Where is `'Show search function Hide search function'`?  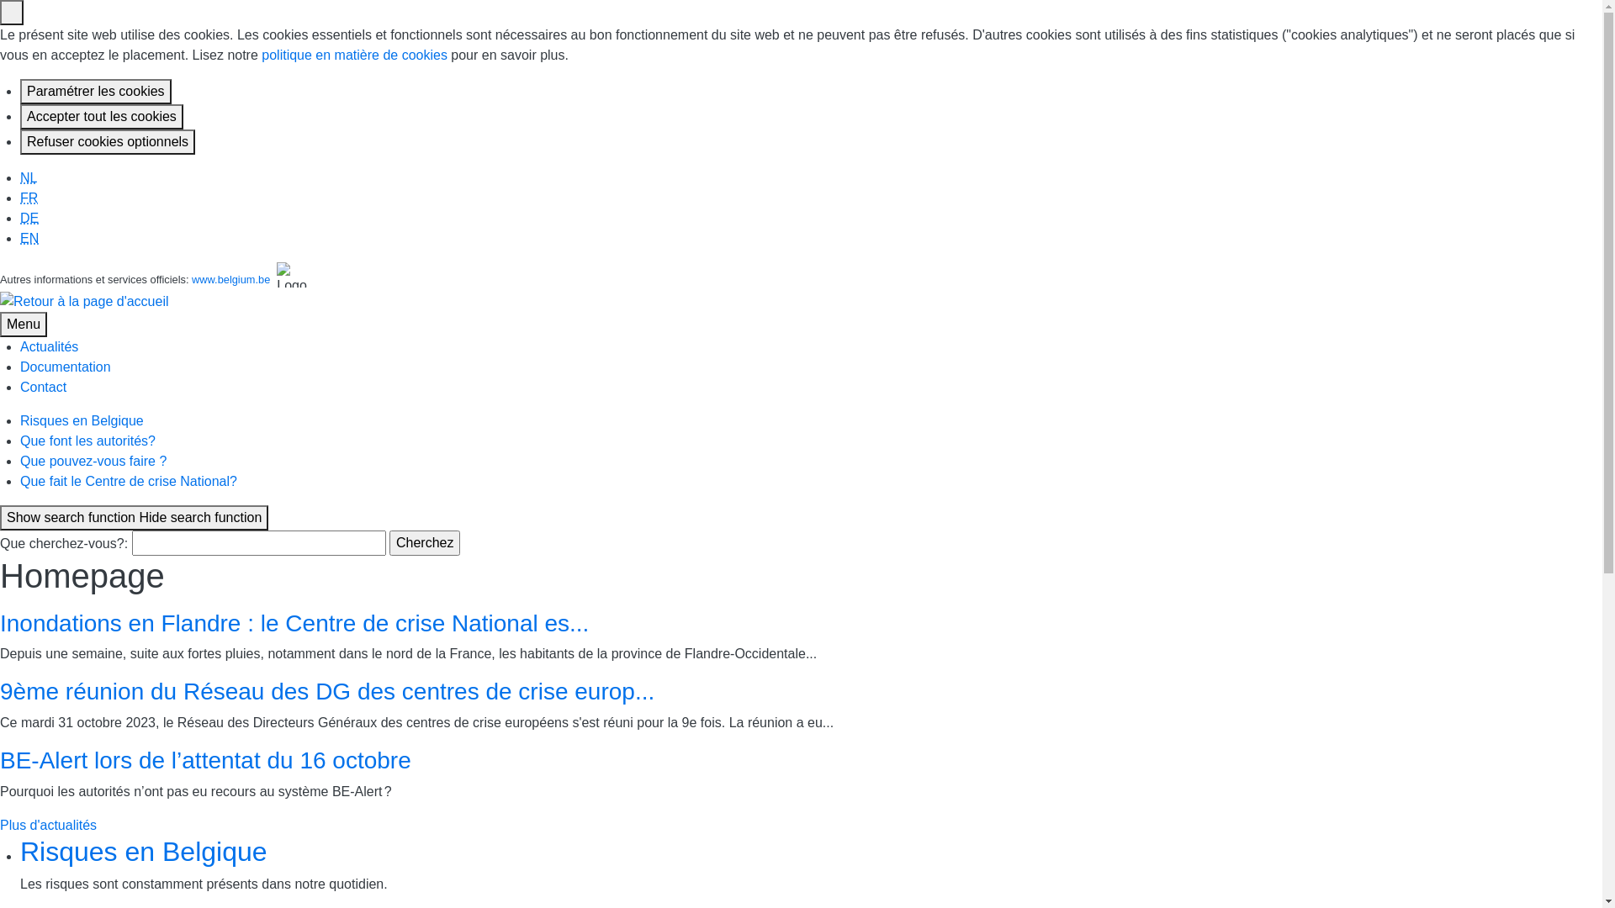 'Show search function Hide search function' is located at coordinates (133, 517).